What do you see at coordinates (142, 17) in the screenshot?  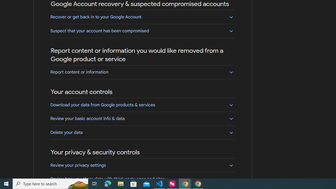 I see `'Recover or get back in to your Google Account'` at bounding box center [142, 17].